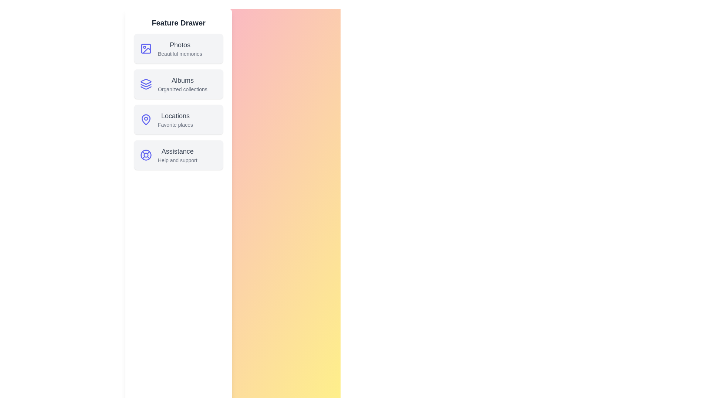  What do you see at coordinates (179, 119) in the screenshot?
I see `the feature item Locations to reveal its effect` at bounding box center [179, 119].